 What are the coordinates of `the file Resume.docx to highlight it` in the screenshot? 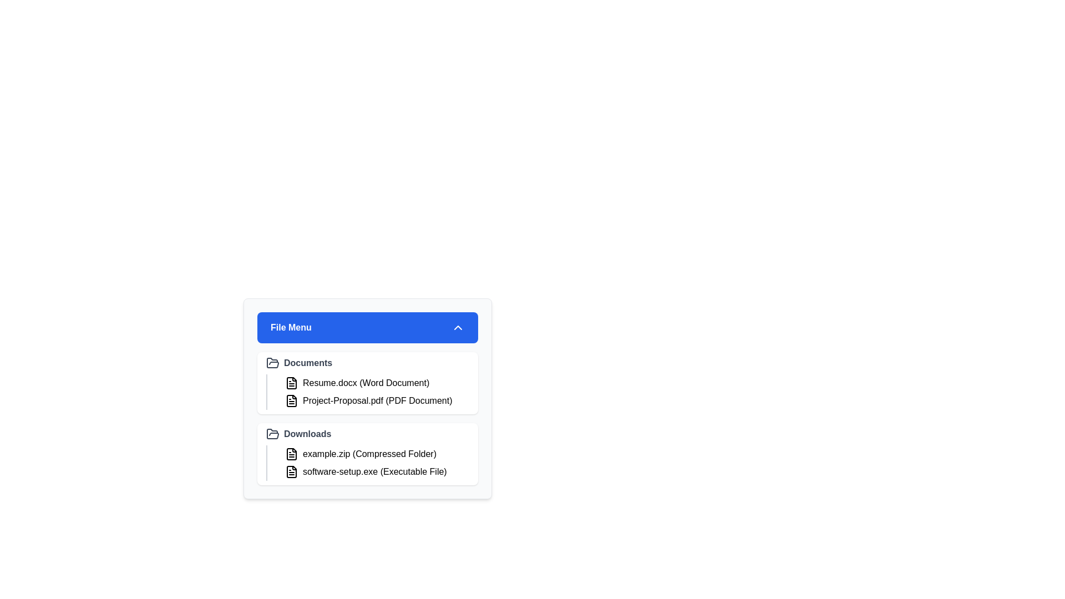 It's located at (375, 382).